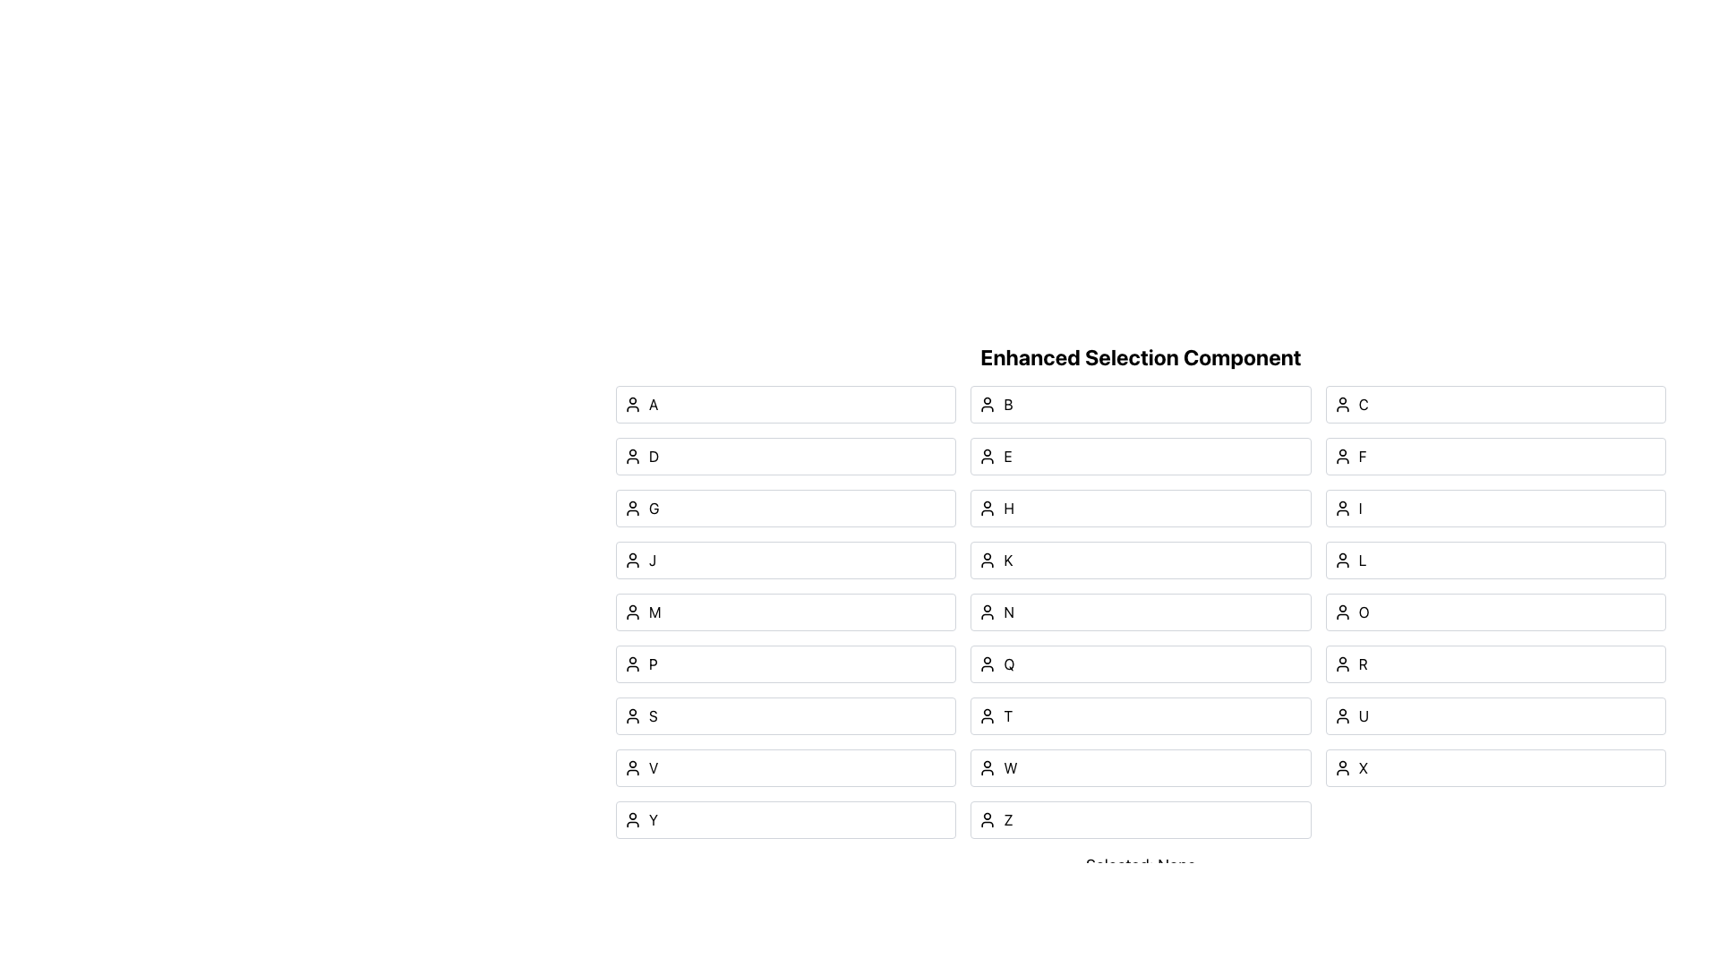  Describe the element at coordinates (1342, 663) in the screenshot. I see `the user icon outlined in black with rounded edges that is located in the selection box containing the letter 'R', situated in the fifth column and fourth row of the Enhanced Selection Component interface` at that location.